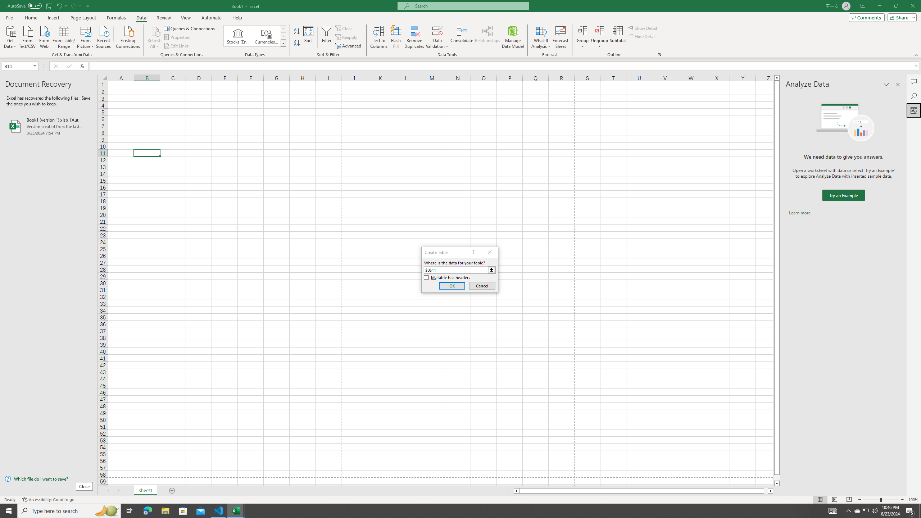 The image size is (921, 518). What do you see at coordinates (83, 18) in the screenshot?
I see `'Page Layout'` at bounding box center [83, 18].